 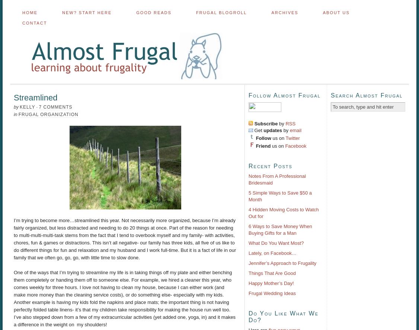 I want to click on 'About Kyle', so click(x=323, y=54).